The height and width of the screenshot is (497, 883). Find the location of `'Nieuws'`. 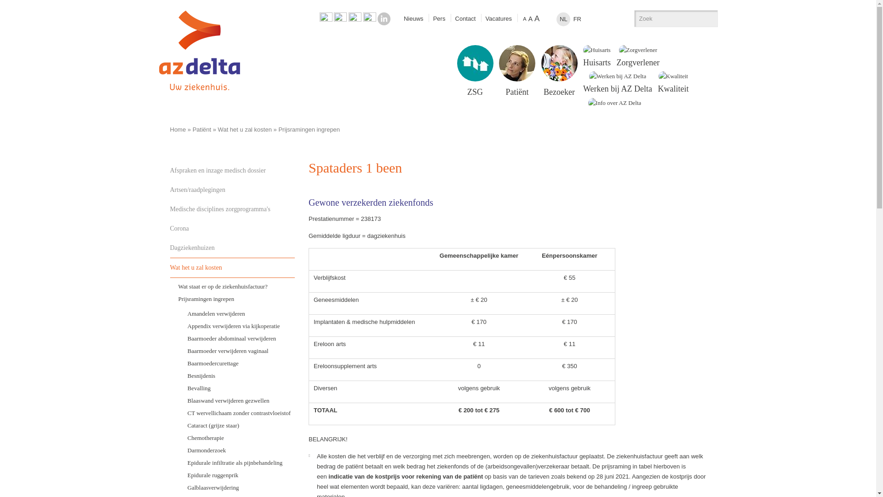

'Nieuws' is located at coordinates (413, 18).